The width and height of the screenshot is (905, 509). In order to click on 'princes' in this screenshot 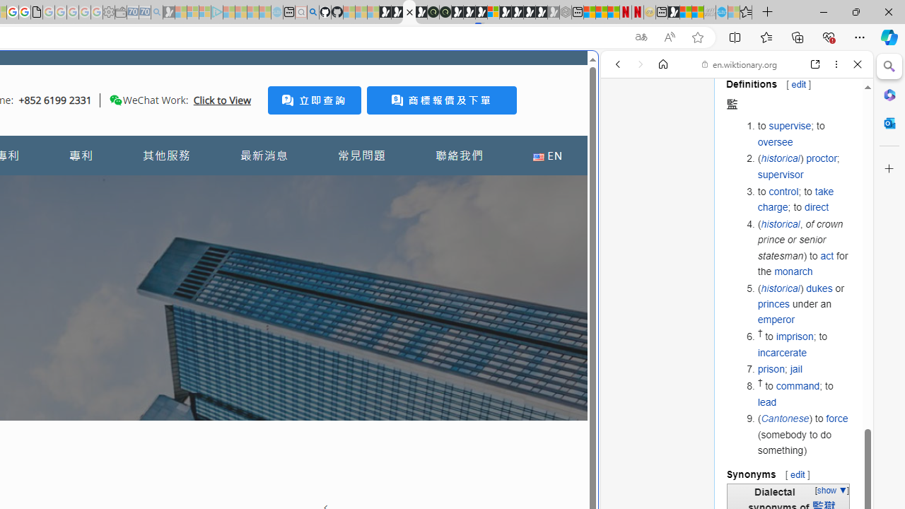, I will do `click(773, 303)`.